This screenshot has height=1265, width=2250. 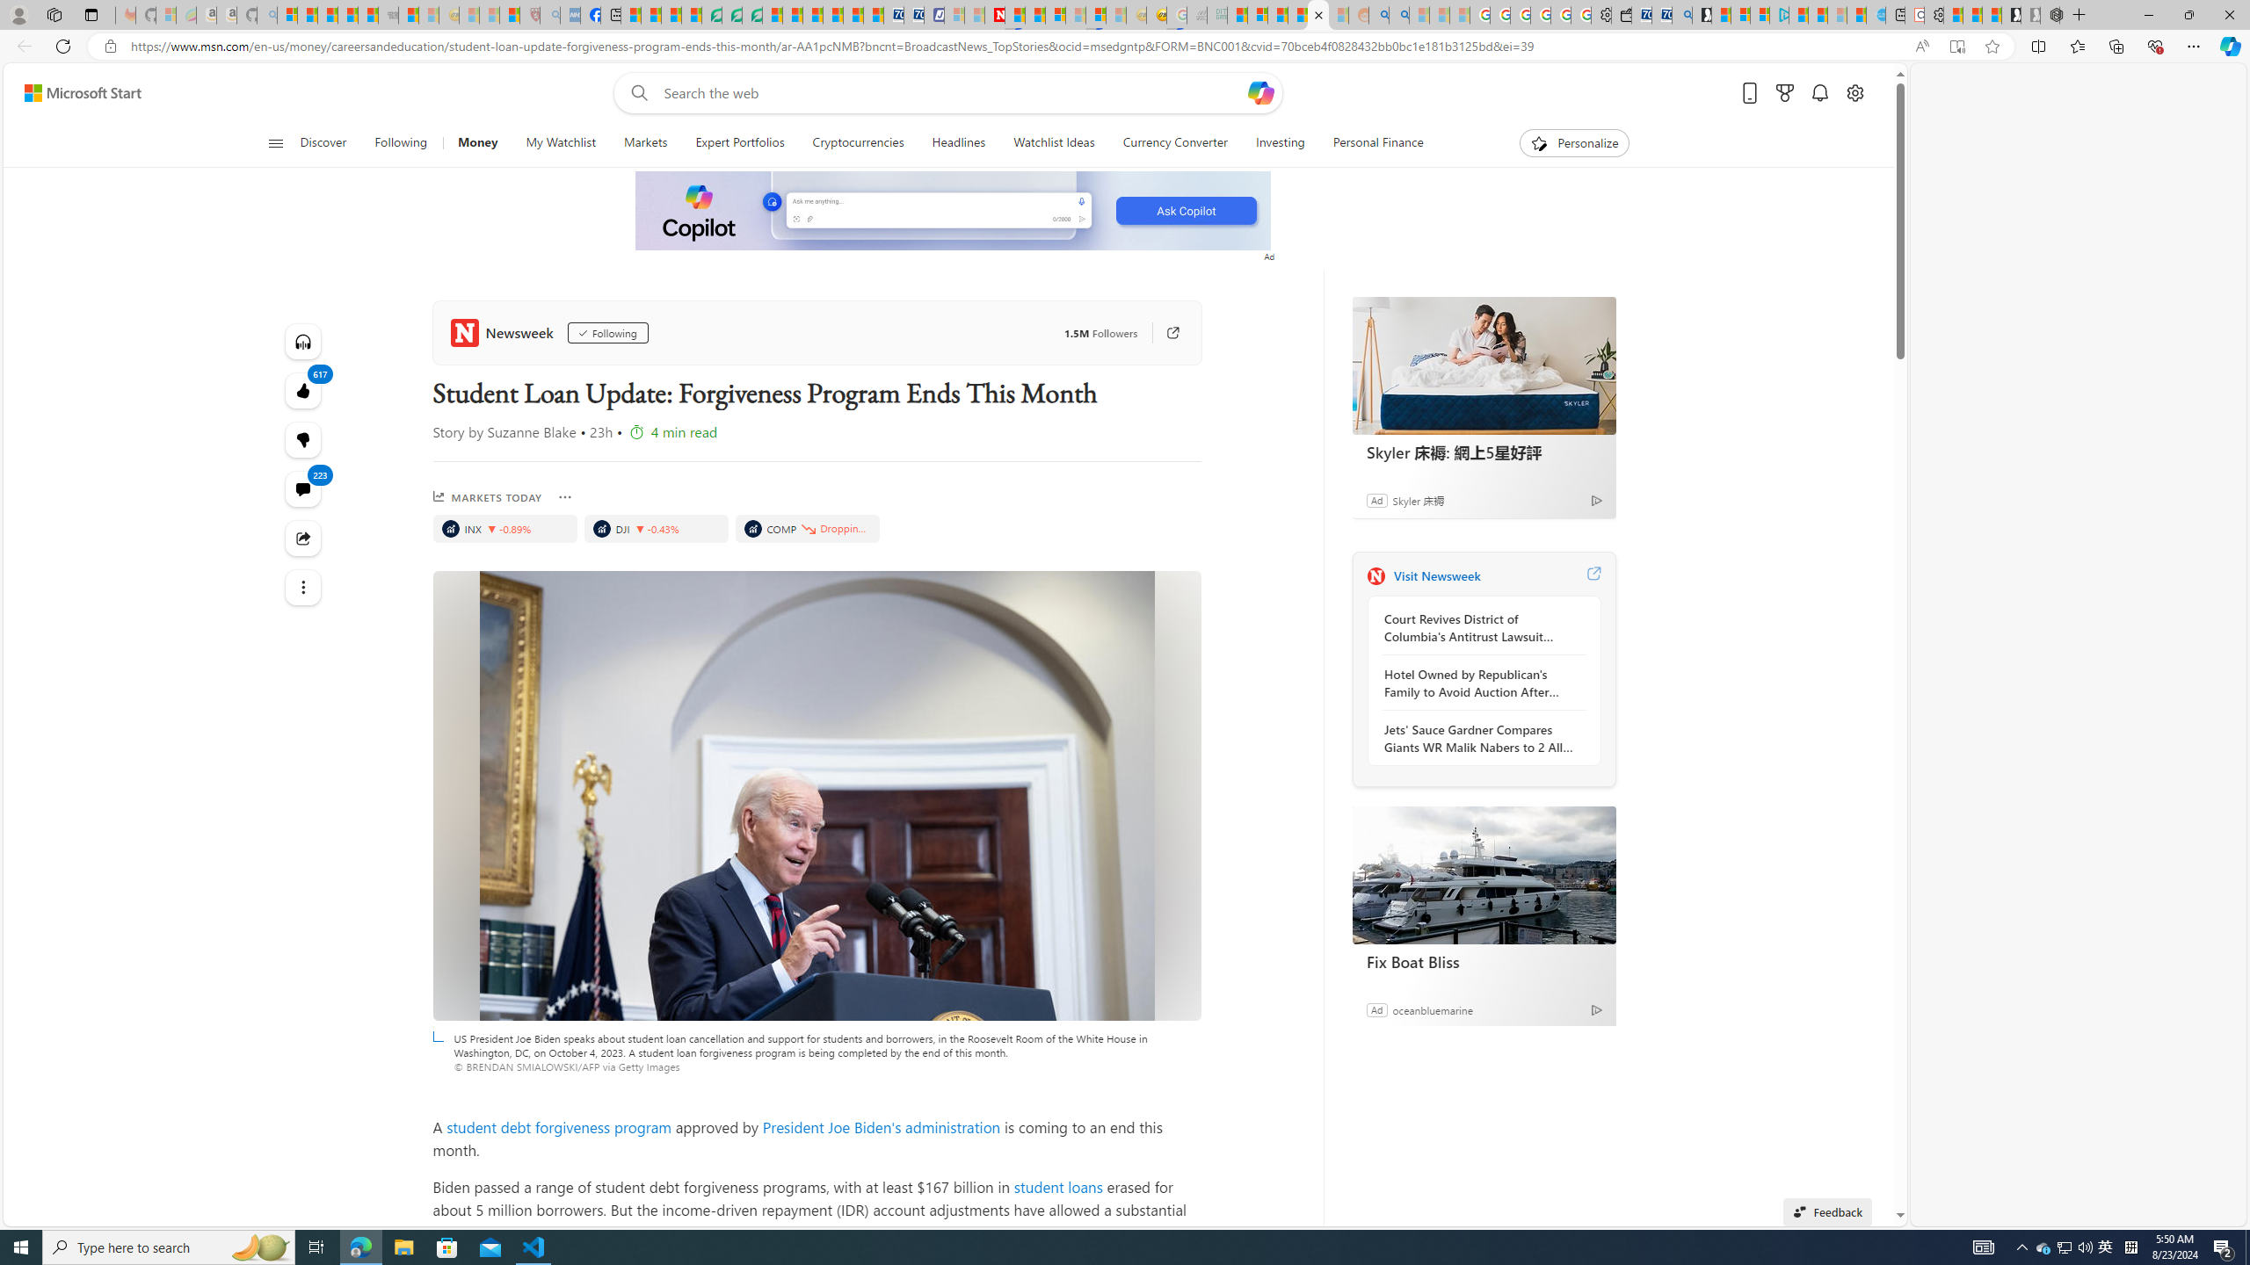 What do you see at coordinates (959, 142) in the screenshot?
I see `'Headlines'` at bounding box center [959, 142].